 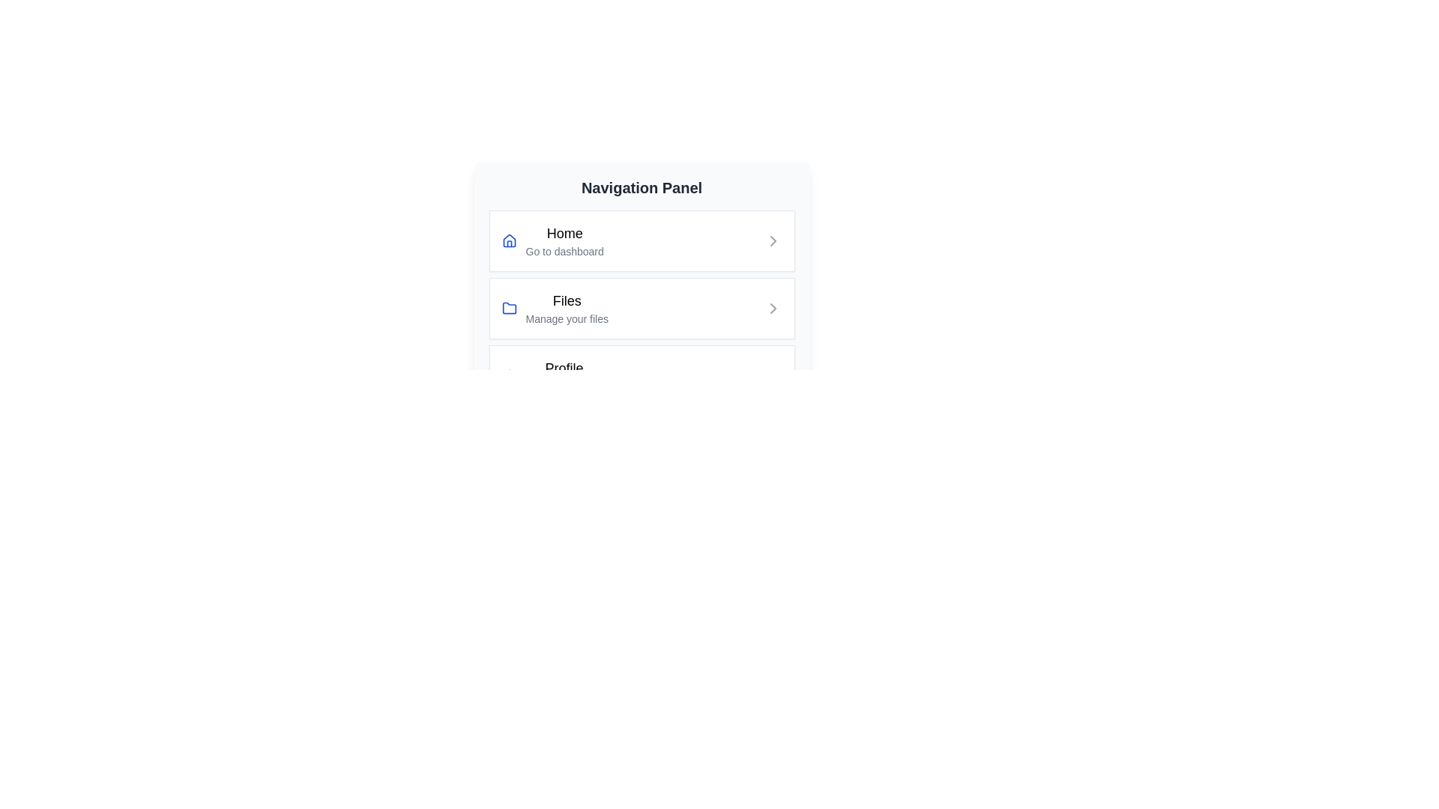 I want to click on the text label element that reads 'Files' with the subtitle 'Manage your files', located in the middle of the navigation panel, so click(x=566, y=308).